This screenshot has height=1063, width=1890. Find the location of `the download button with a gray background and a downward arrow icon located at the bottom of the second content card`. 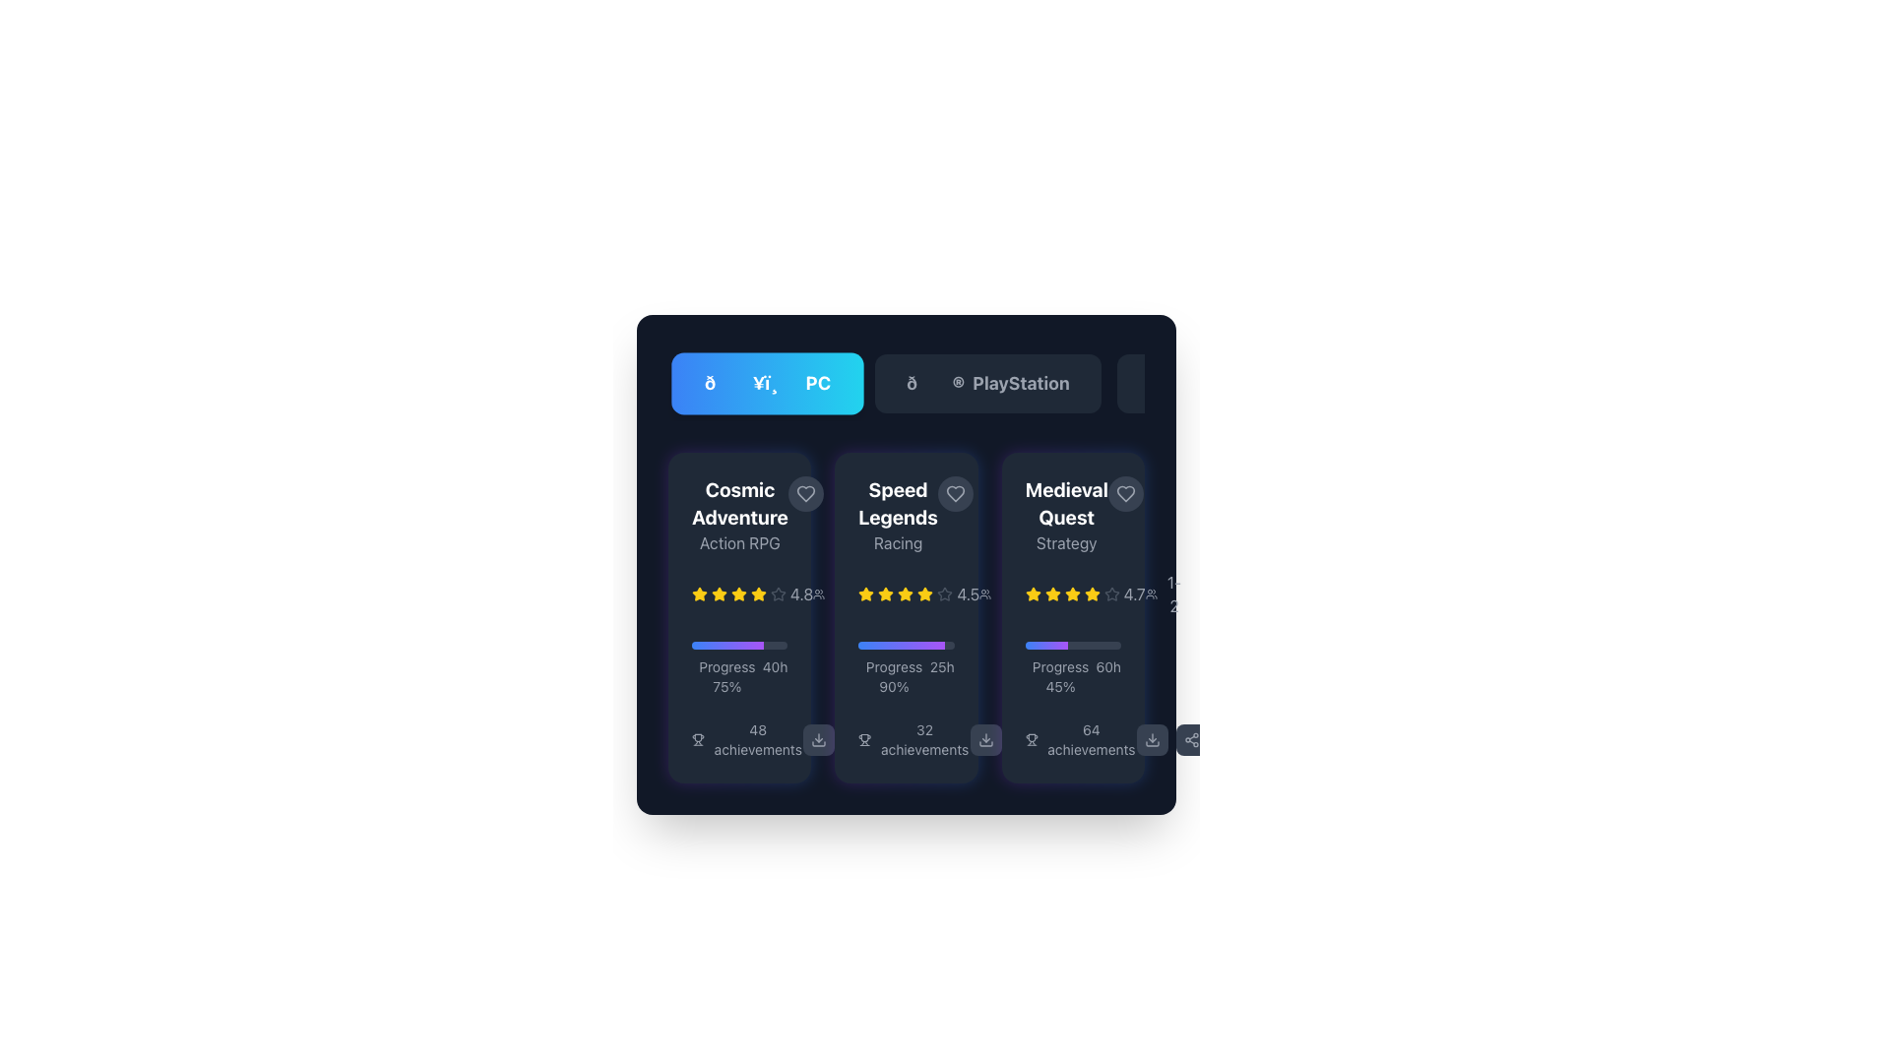

the download button with a gray background and a downward arrow icon located at the bottom of the second content card is located at coordinates (985, 740).